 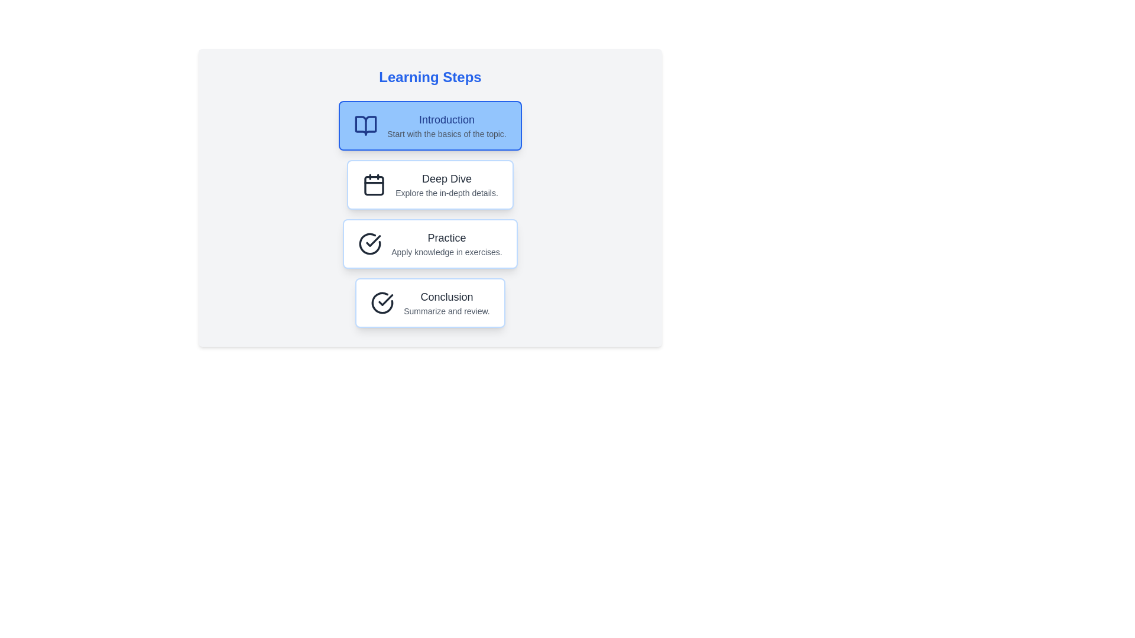 What do you see at coordinates (446, 184) in the screenshot?
I see `the textual component labeled 'Deep Dive', which is part of the 'Learning Steps' section, positioned below 'Introduction' and above 'Practice'` at bounding box center [446, 184].